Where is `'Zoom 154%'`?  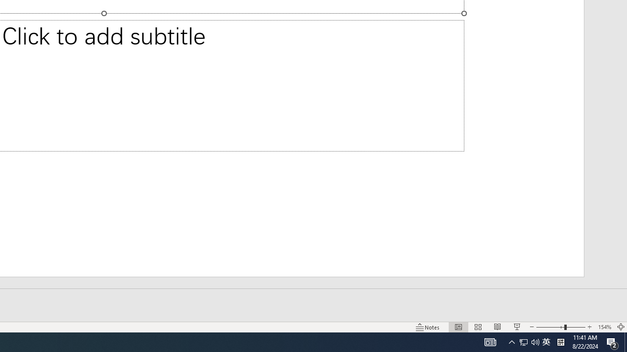
'Zoom 154%' is located at coordinates (604, 327).